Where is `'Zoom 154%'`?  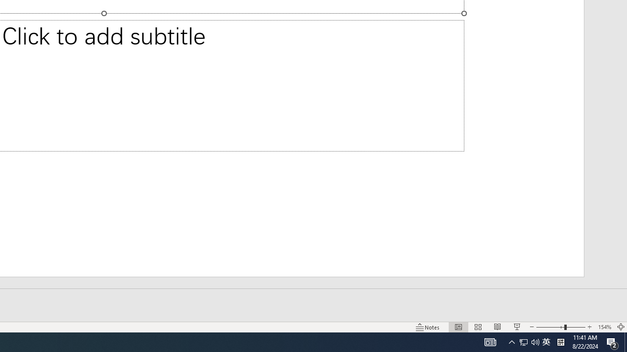
'Zoom 154%' is located at coordinates (604, 327).